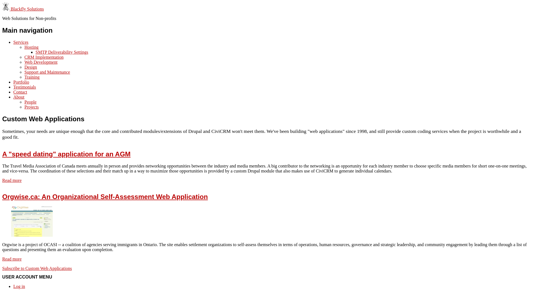 The height and width of the screenshot is (299, 533). What do you see at coordinates (6, 9) in the screenshot?
I see `'Home'` at bounding box center [6, 9].